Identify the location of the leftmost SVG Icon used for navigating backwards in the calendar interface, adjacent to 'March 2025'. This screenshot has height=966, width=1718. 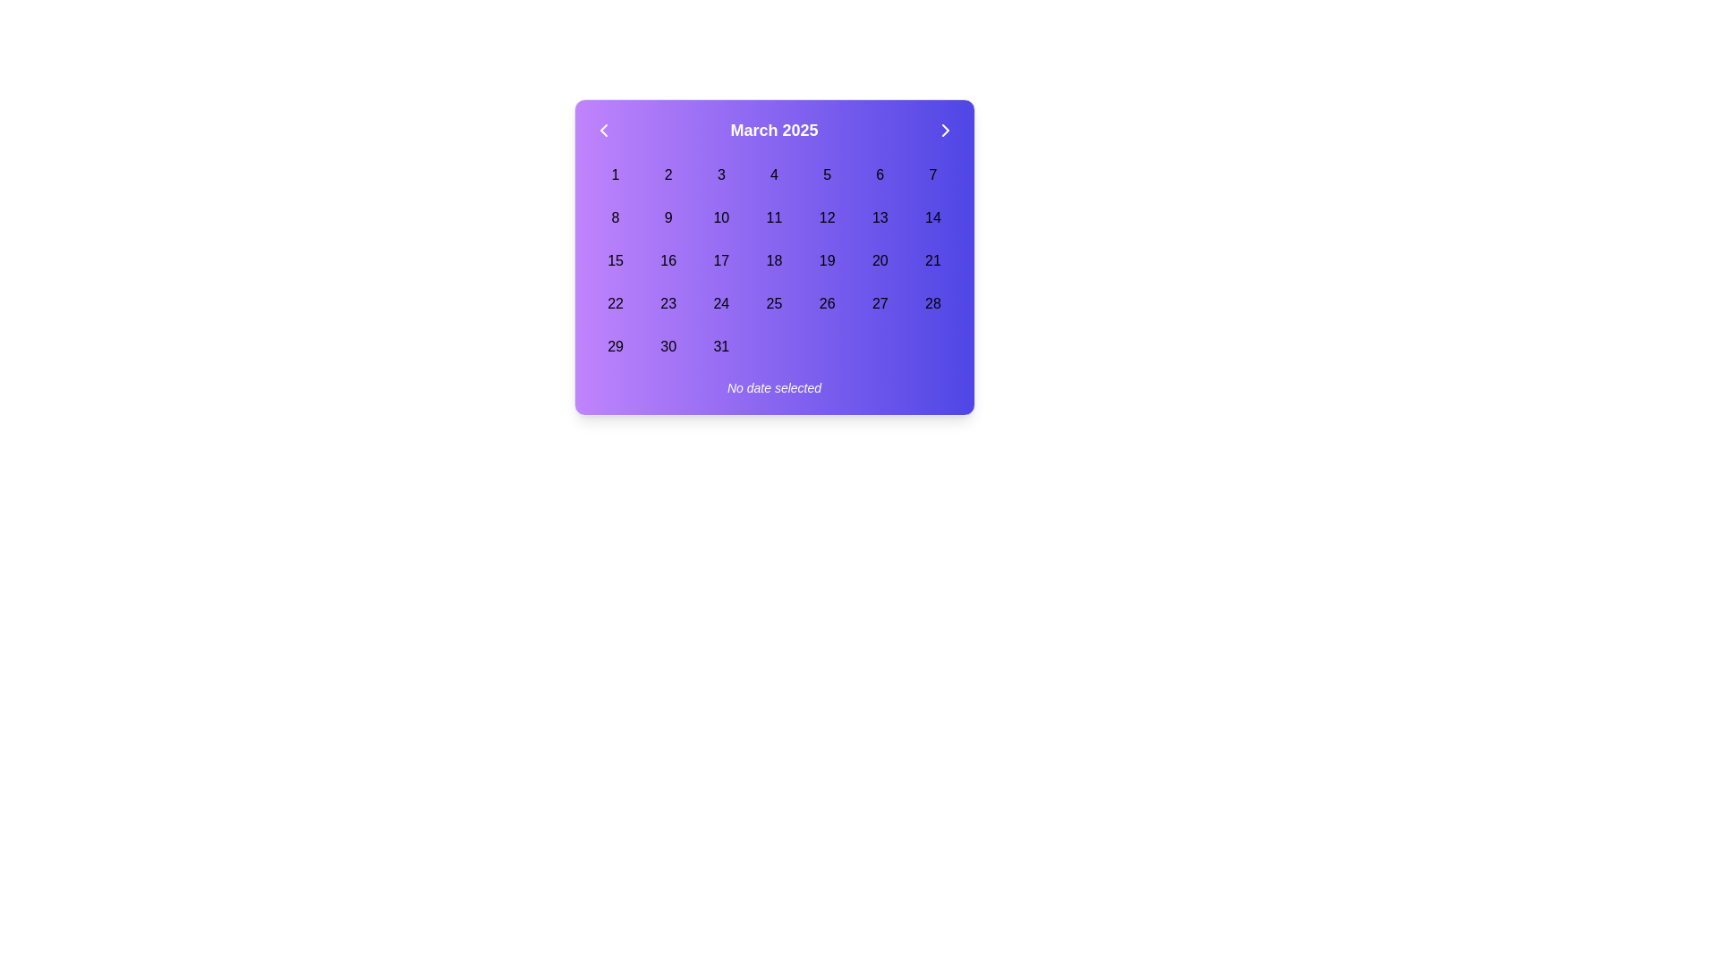
(603, 130).